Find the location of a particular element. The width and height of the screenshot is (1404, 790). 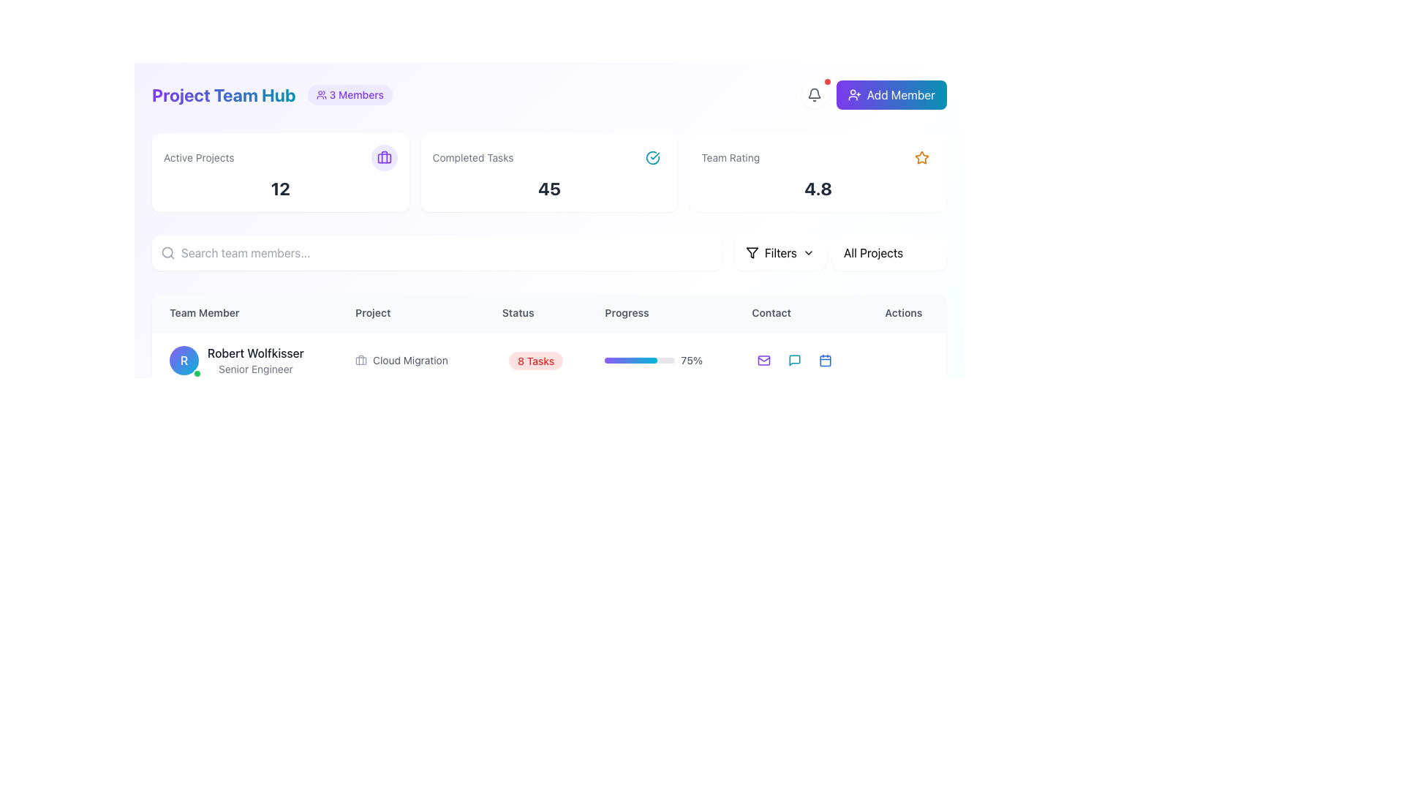

the progress visually on the horizontal progress bar that indicates 90% completion, located below the header of the page in the 'Progress' column is located at coordinates (660, 471).